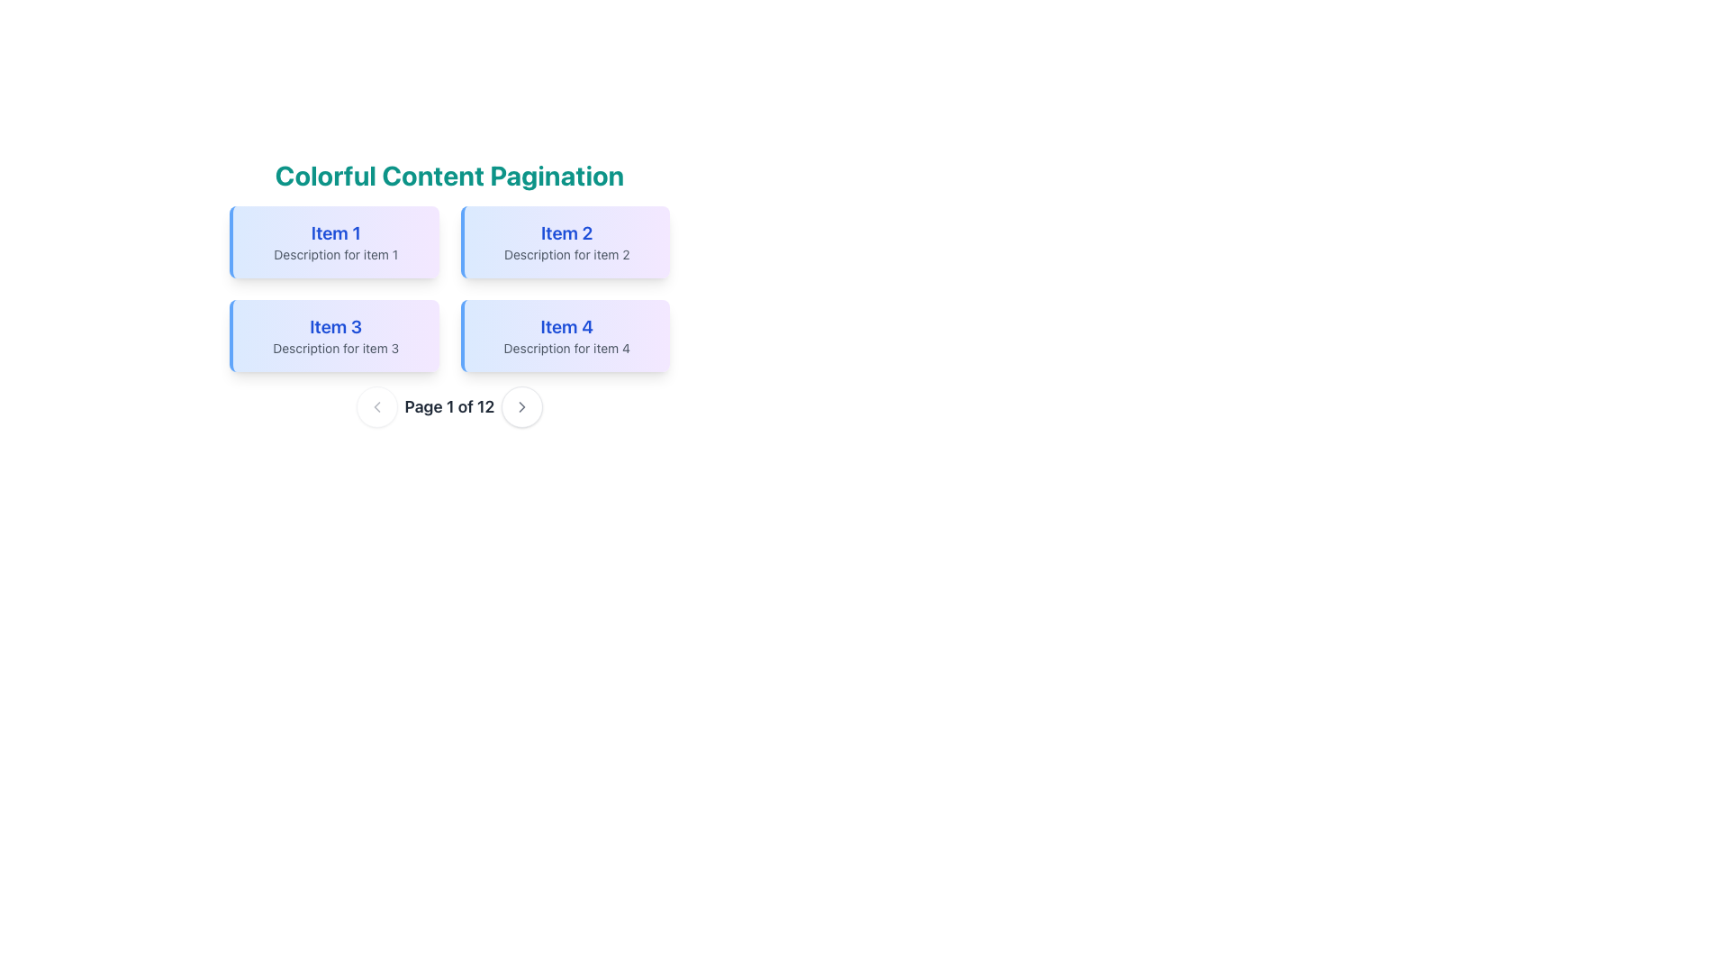 The height and width of the screenshot is (973, 1729). What do you see at coordinates (566, 232) in the screenshot?
I see `the text content of the Text Label located on the top card` at bounding box center [566, 232].